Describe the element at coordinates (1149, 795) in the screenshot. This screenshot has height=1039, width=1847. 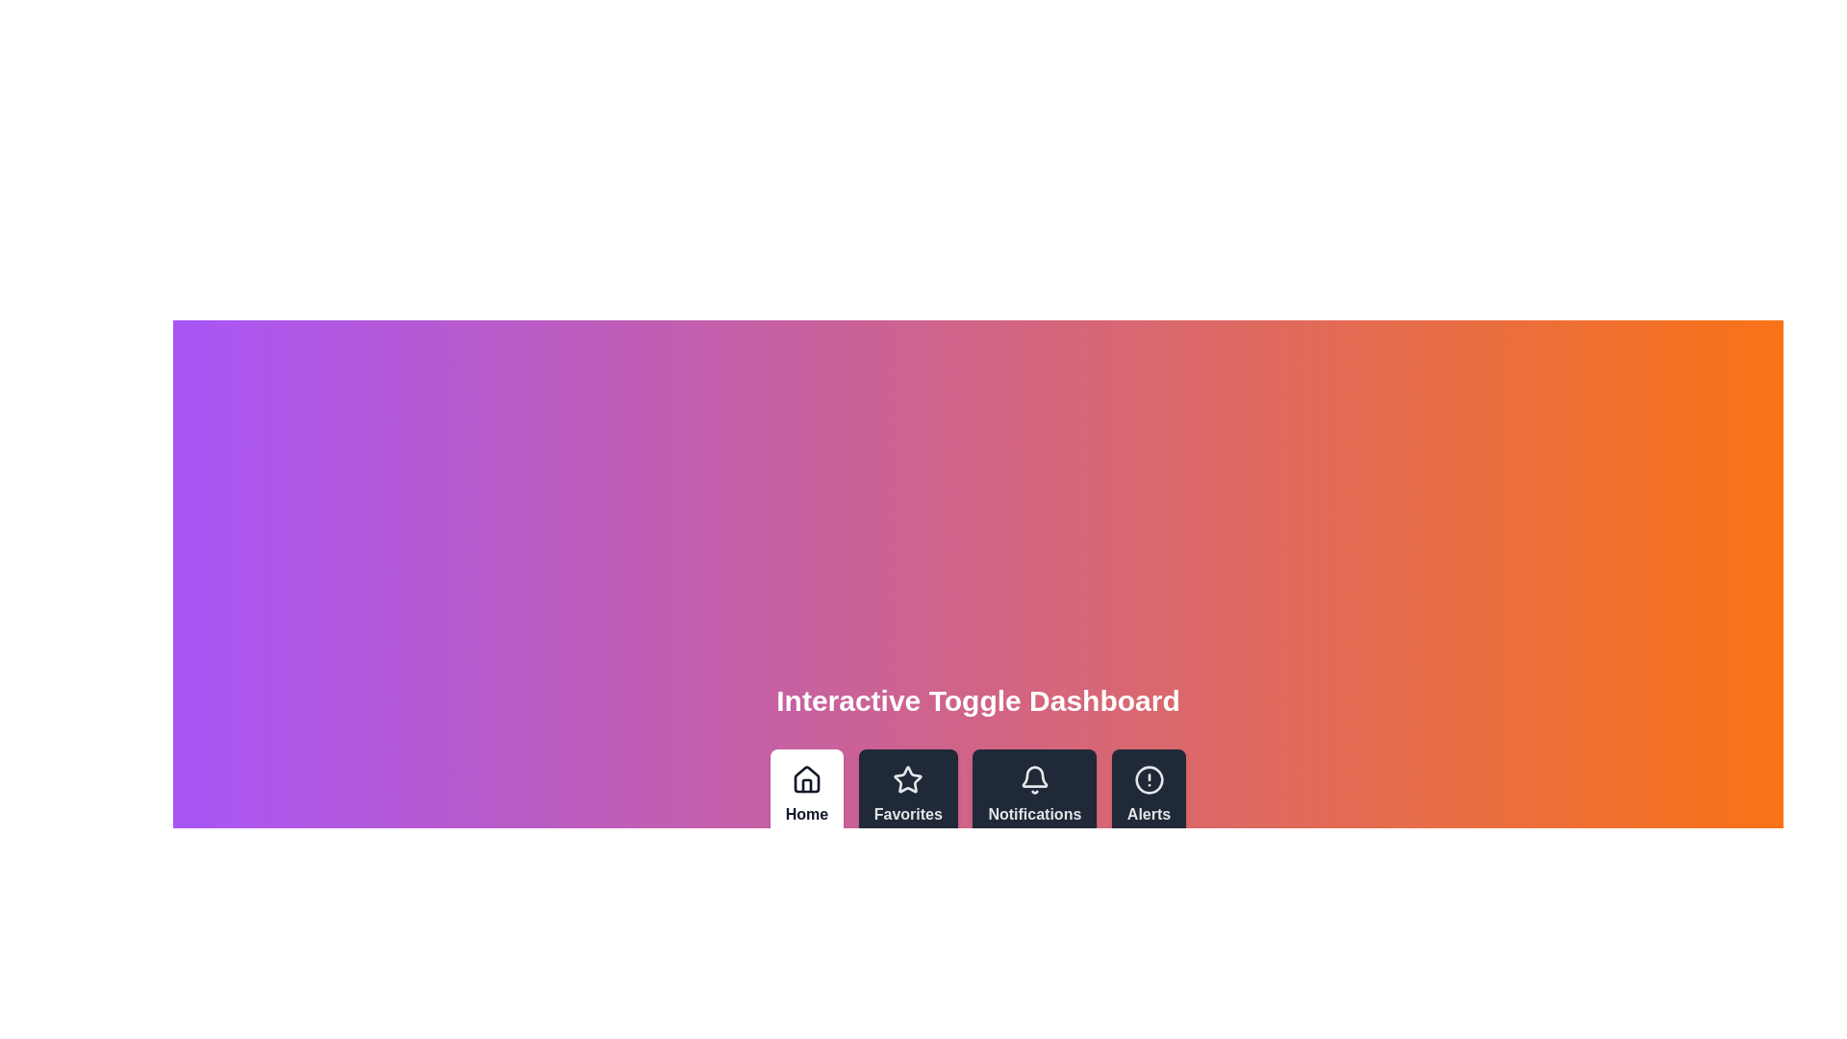
I see `the tab icon labeled Alerts` at that location.